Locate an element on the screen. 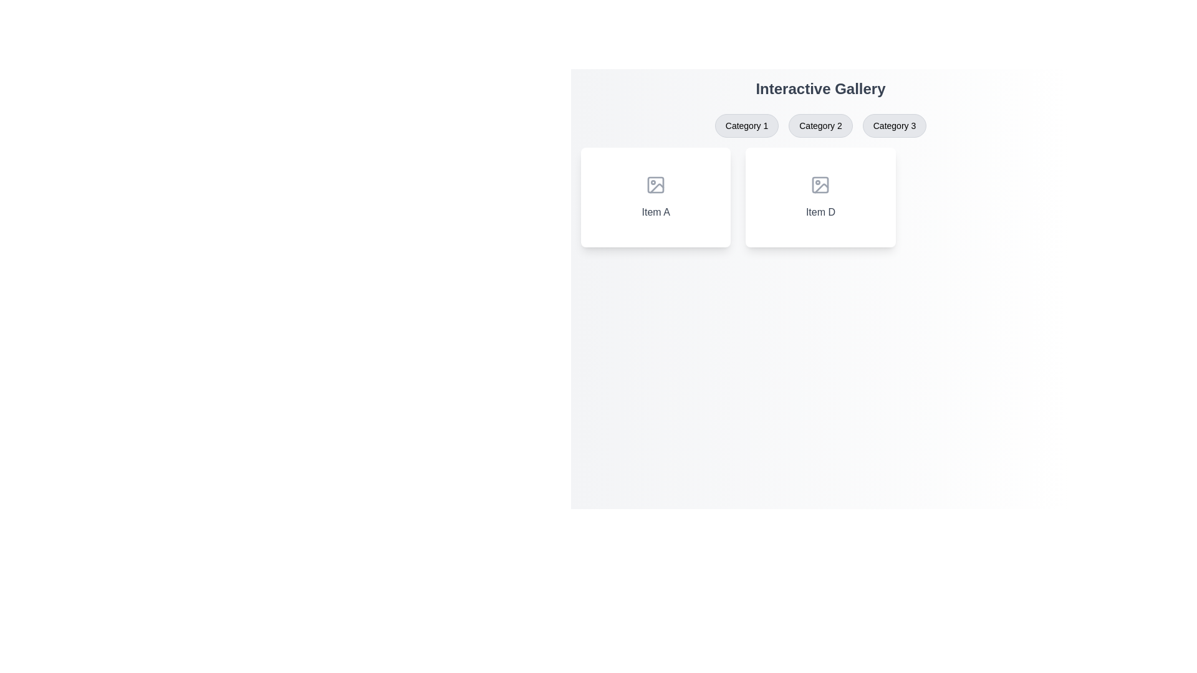  the 'Category 2' button, which is the second button in the row of category buttons below the 'Interactive Gallery' header is located at coordinates (820, 125).